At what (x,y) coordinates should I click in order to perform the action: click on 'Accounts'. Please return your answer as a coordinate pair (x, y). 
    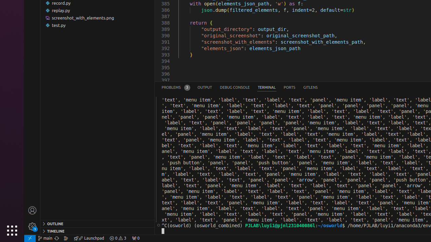
    Looking at the image, I should click on (32, 210).